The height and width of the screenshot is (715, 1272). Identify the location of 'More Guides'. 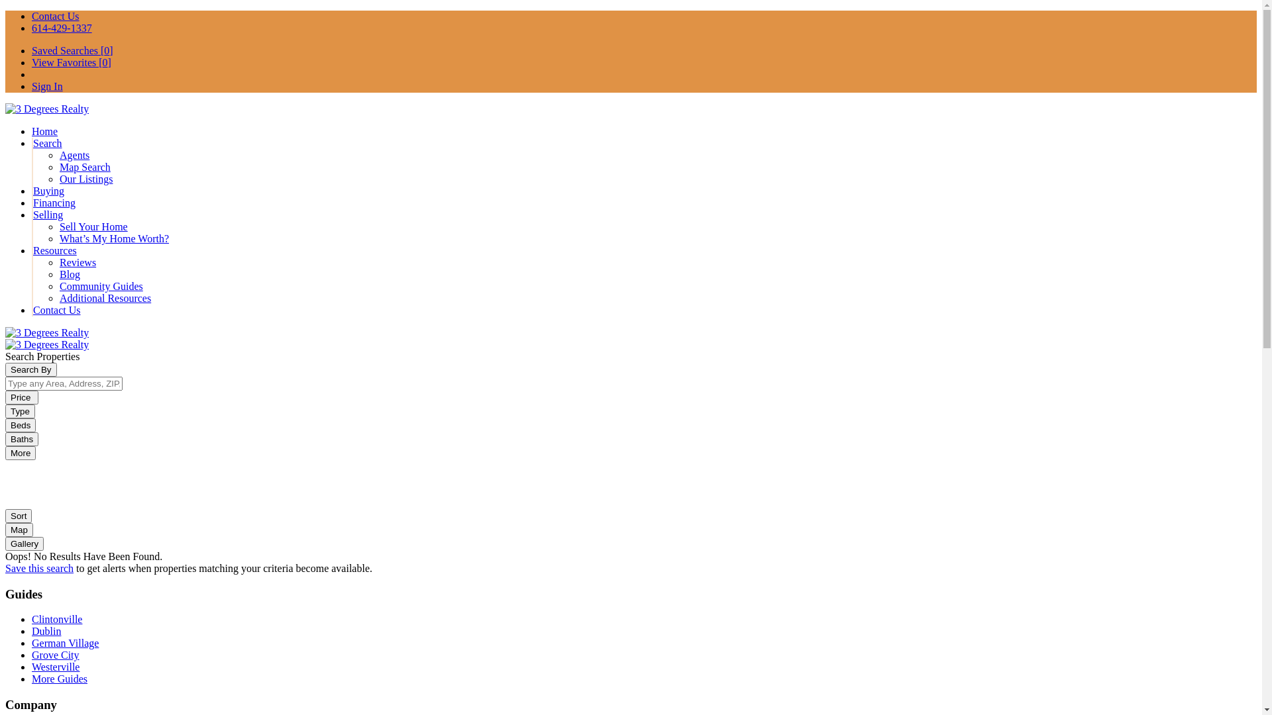
(32, 679).